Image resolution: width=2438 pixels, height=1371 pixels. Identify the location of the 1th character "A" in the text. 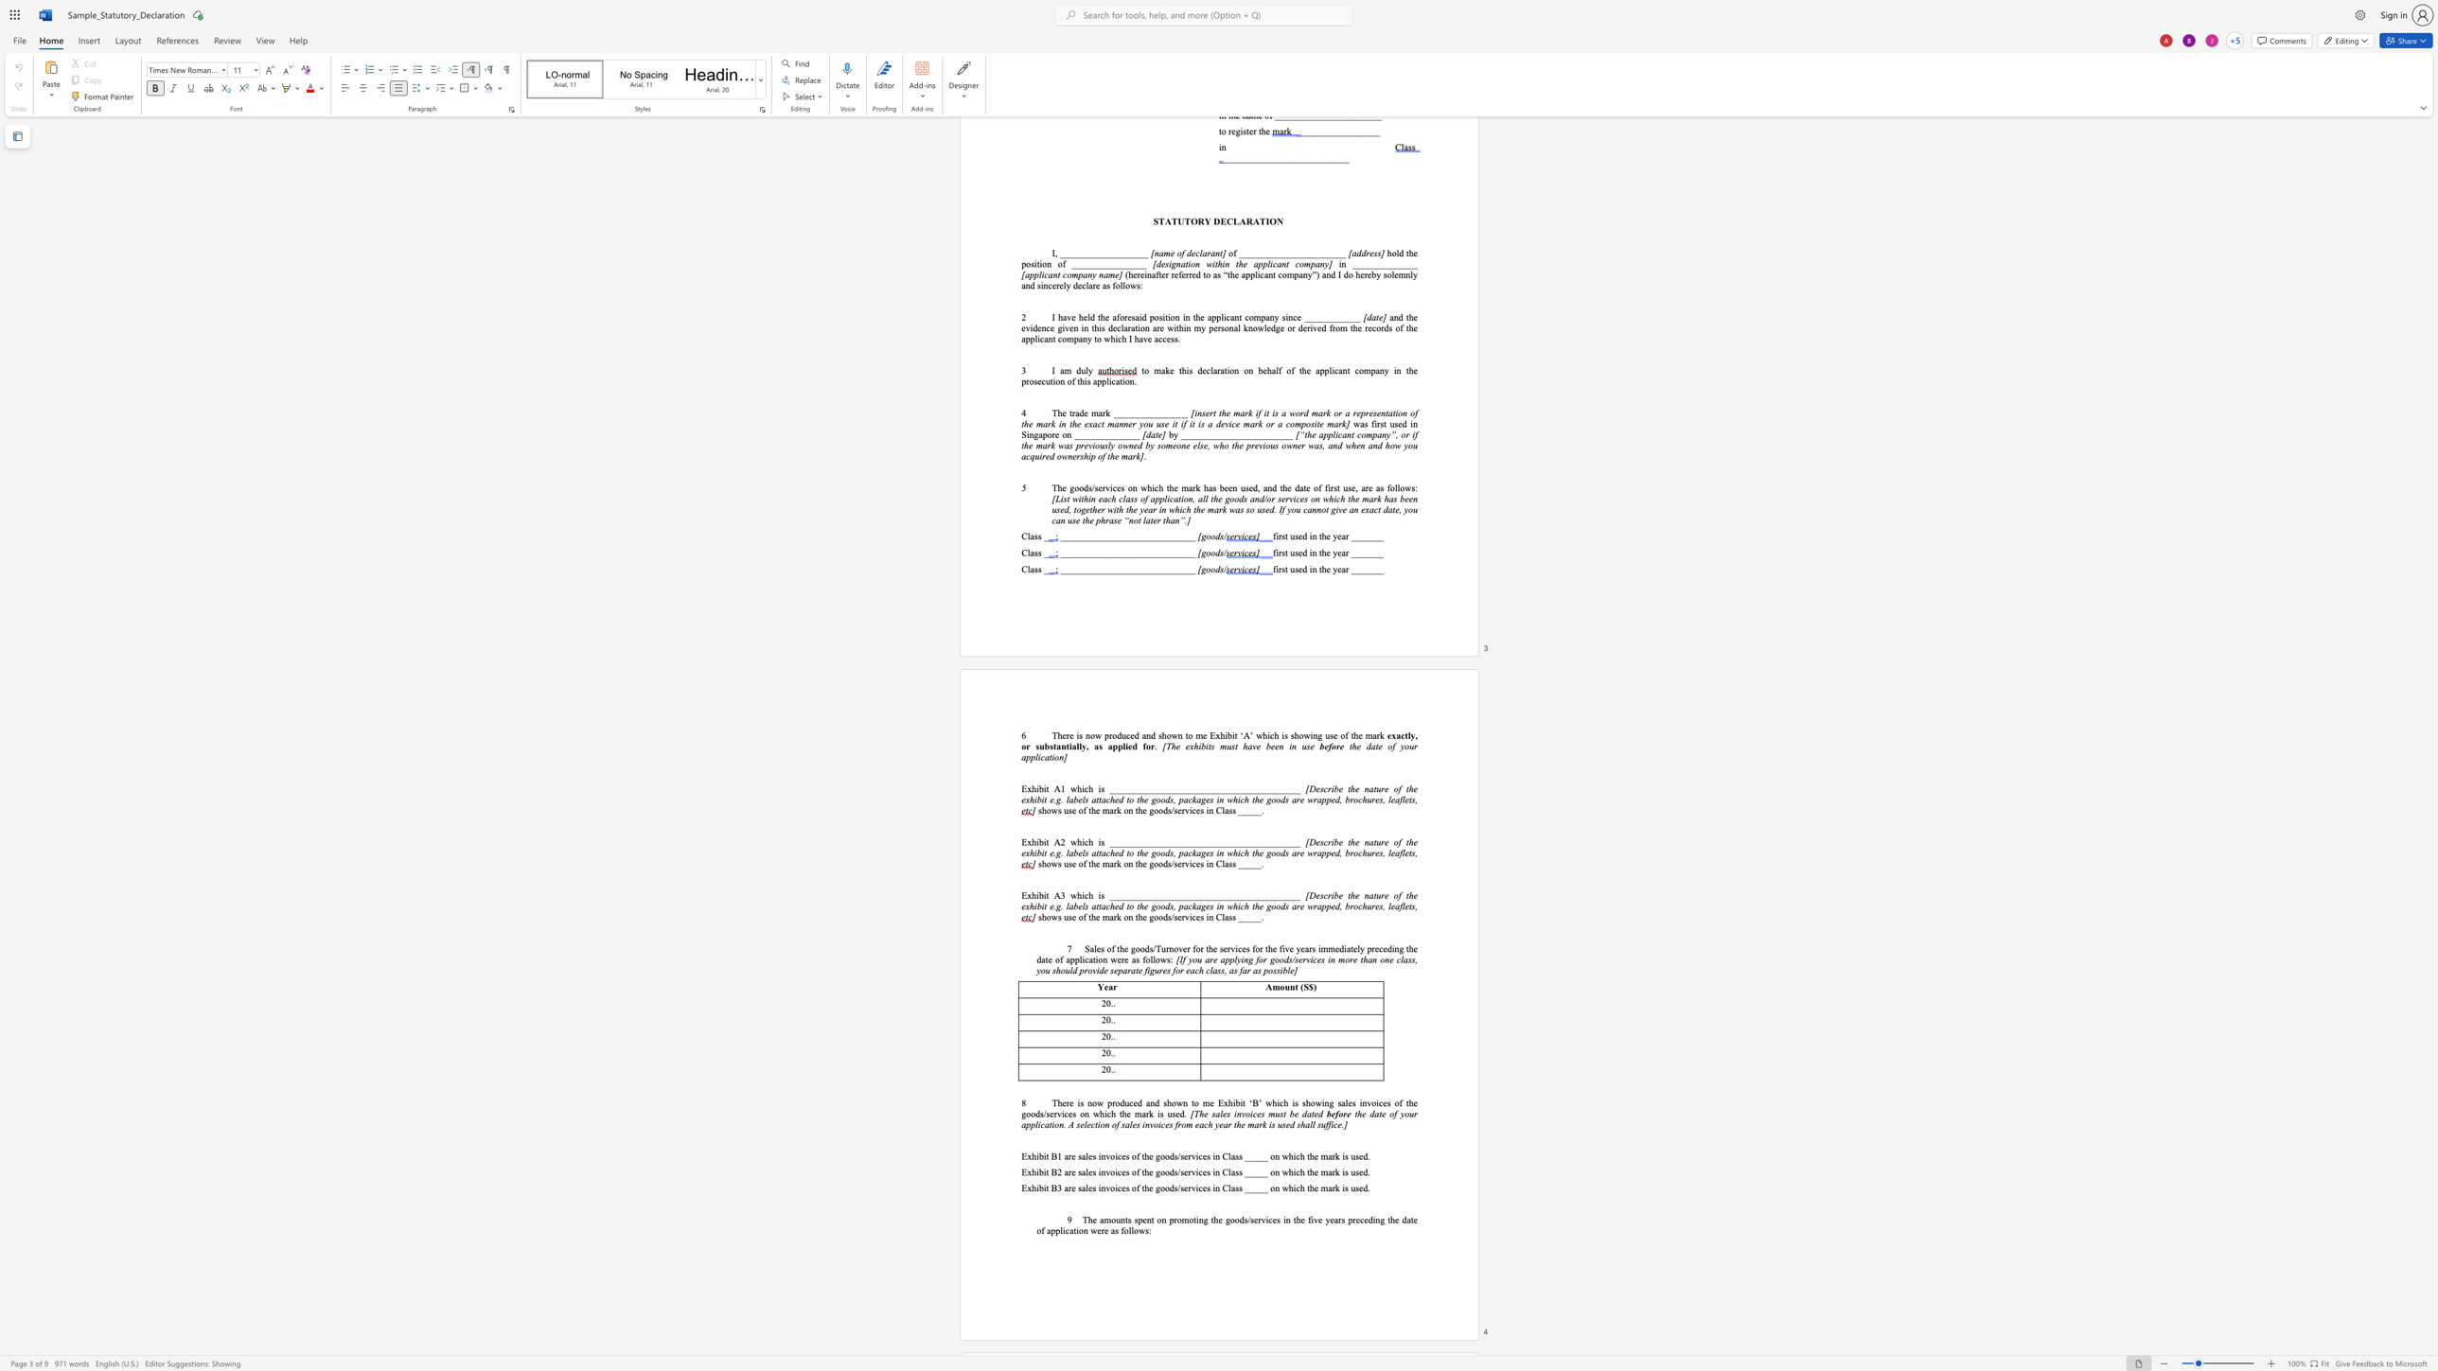
(1056, 788).